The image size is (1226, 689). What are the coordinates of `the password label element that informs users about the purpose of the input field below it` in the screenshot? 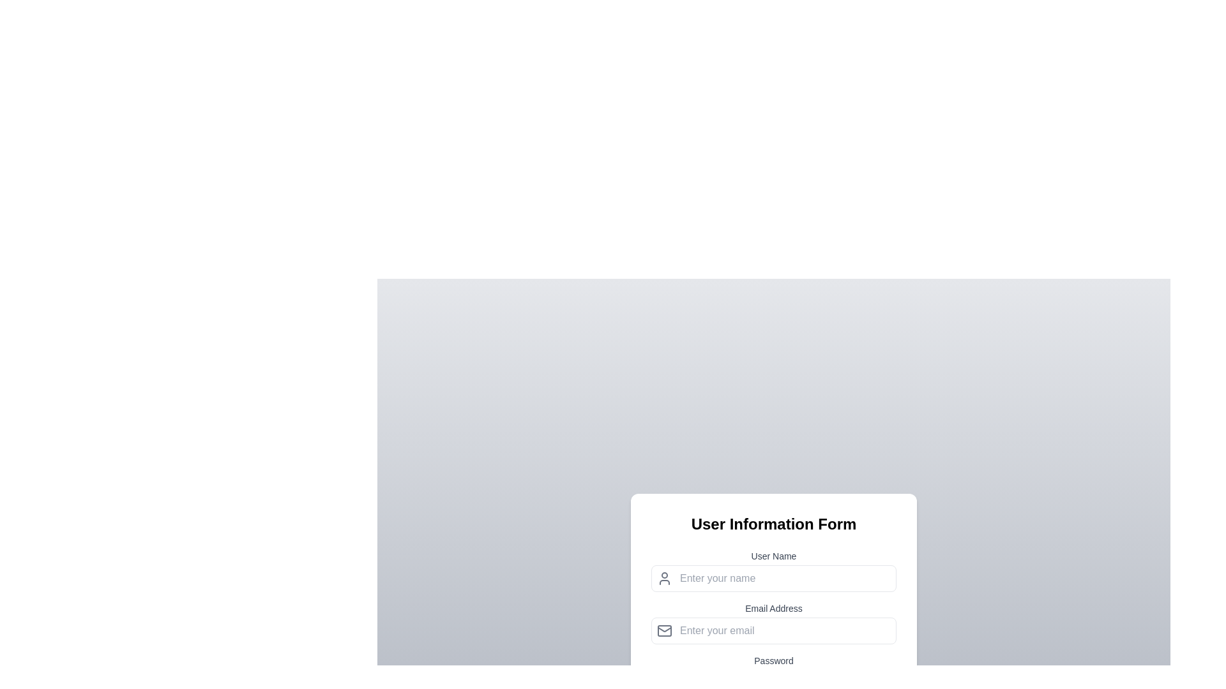 It's located at (773, 660).